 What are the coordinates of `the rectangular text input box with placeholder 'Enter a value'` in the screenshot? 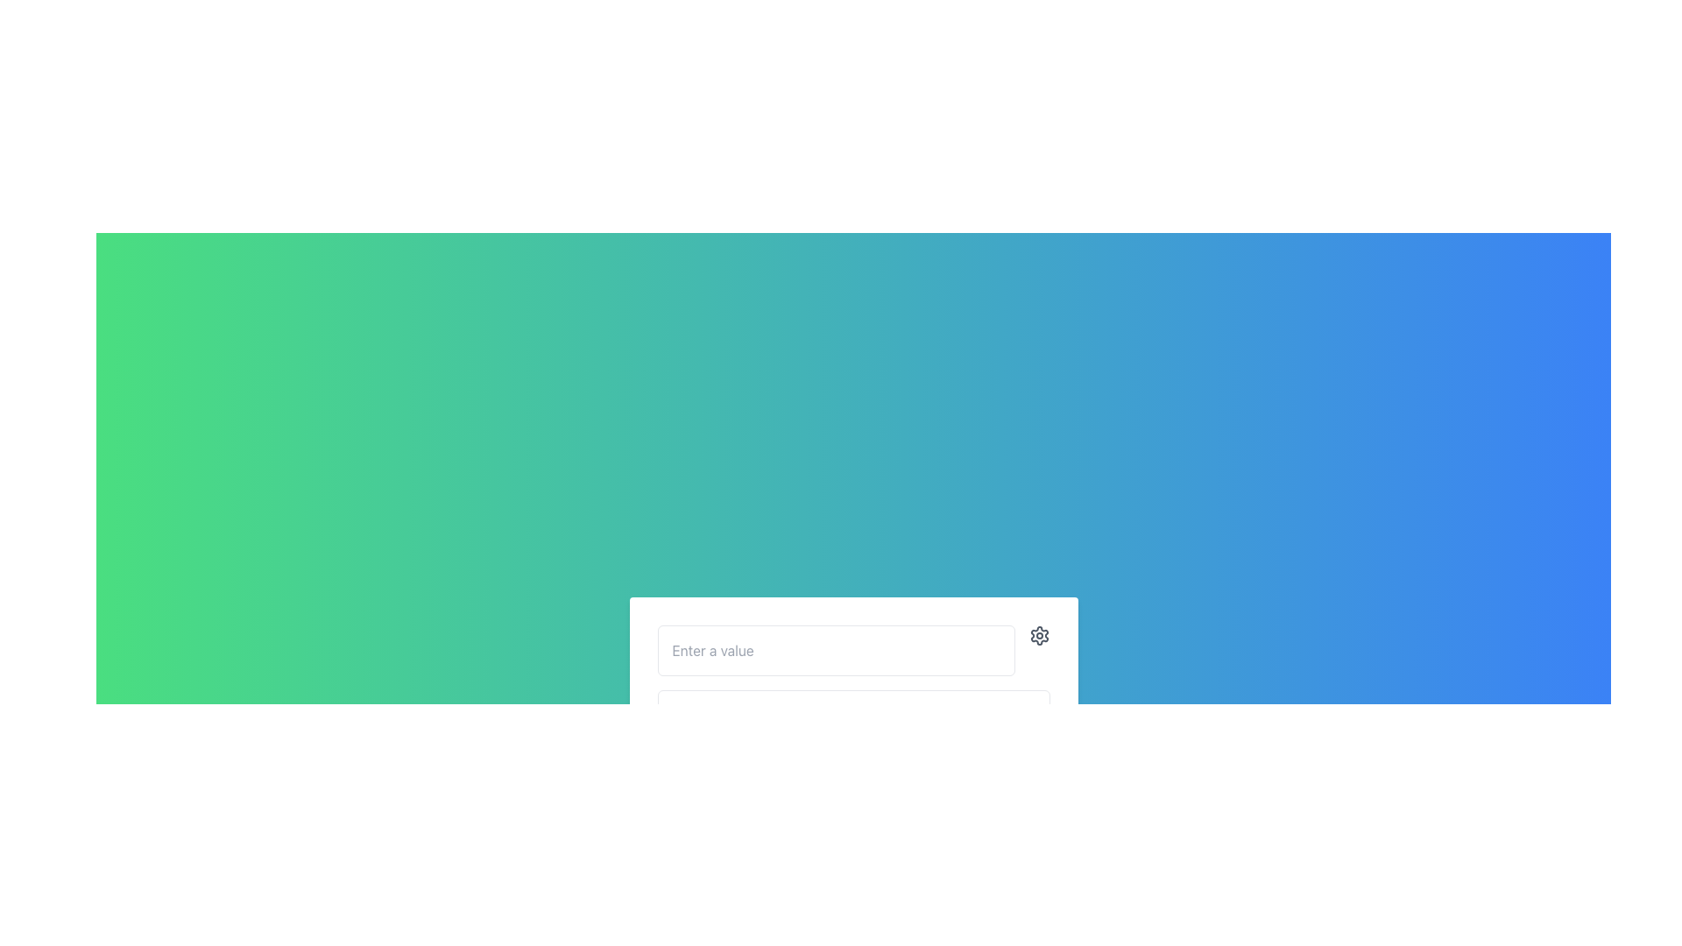 It's located at (835, 651).